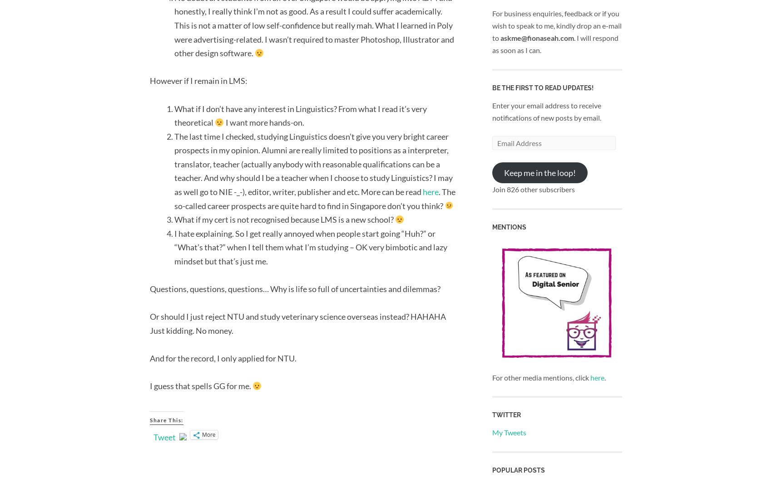 Image resolution: width=772 pixels, height=483 pixels. What do you see at coordinates (539, 172) in the screenshot?
I see `'Keep me in the loop!'` at bounding box center [539, 172].